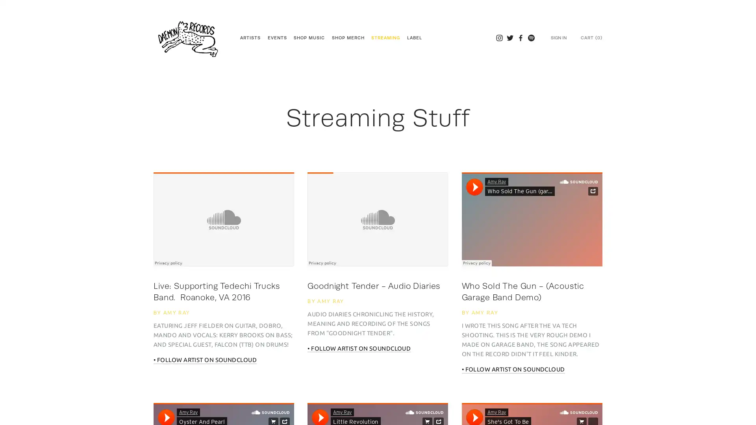 The width and height of the screenshot is (756, 425). I want to click on SIGN IN, so click(558, 37).